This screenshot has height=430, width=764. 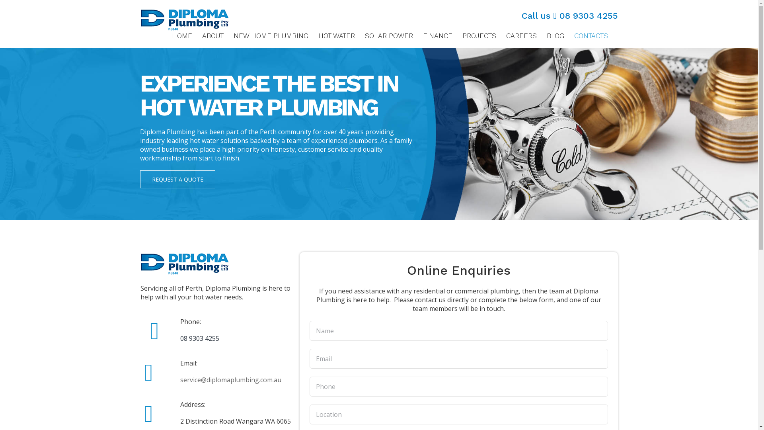 What do you see at coordinates (559, 16) in the screenshot?
I see `'08 9303 4255'` at bounding box center [559, 16].